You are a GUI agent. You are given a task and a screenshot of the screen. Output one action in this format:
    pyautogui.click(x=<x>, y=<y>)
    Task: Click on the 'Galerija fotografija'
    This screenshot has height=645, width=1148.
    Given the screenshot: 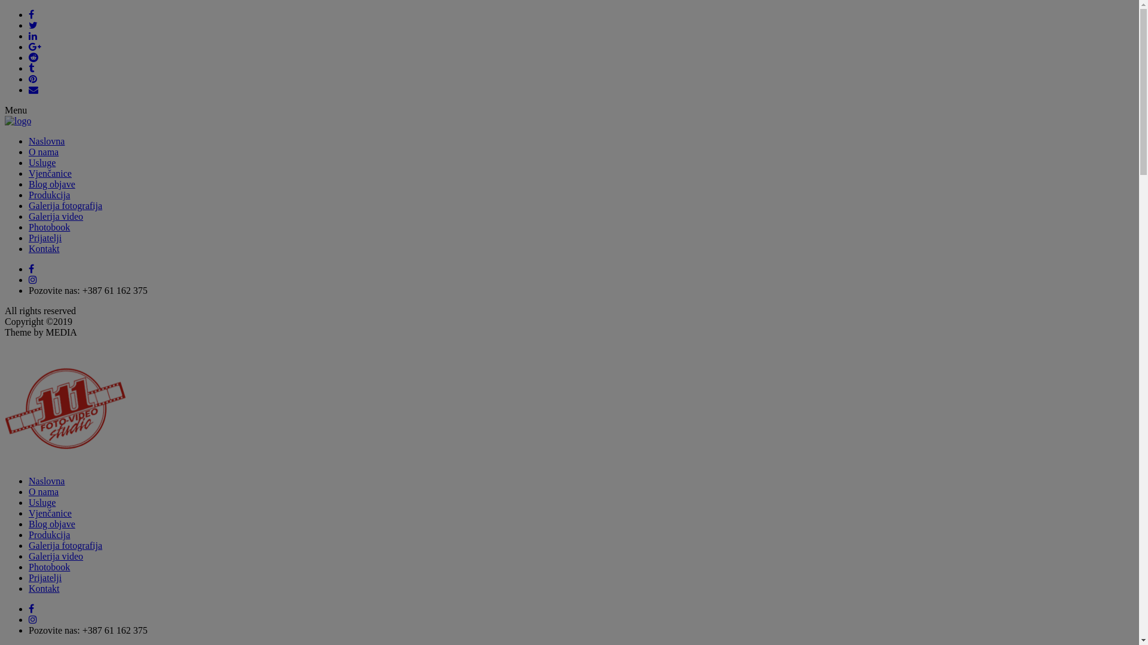 What is the action you would take?
    pyautogui.click(x=65, y=545)
    